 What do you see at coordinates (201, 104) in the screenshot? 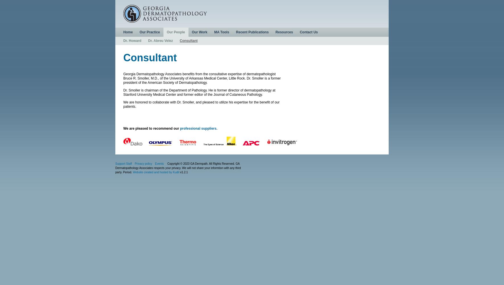
I see `'We are honored to collaborate with Dr. Smoller, and pleased to utilize his expertise for the benefit of our patients.'` at bounding box center [201, 104].